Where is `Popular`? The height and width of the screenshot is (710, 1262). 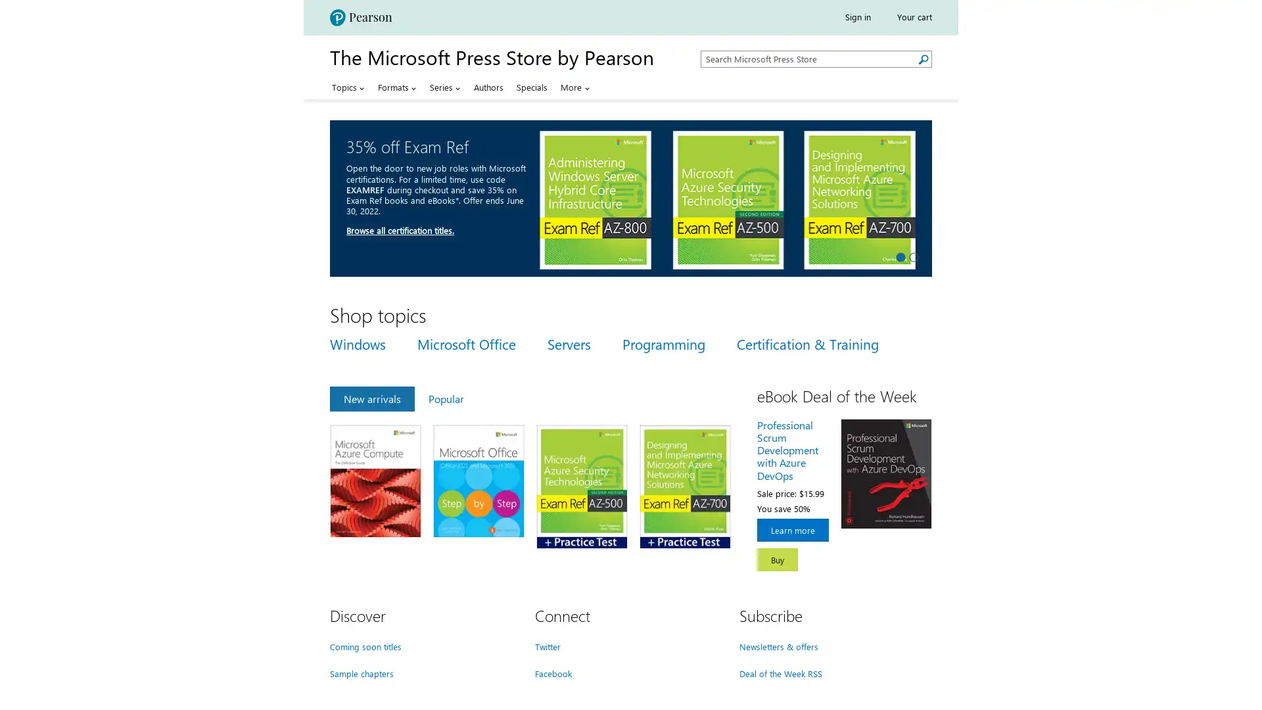
Popular is located at coordinates (446, 397).